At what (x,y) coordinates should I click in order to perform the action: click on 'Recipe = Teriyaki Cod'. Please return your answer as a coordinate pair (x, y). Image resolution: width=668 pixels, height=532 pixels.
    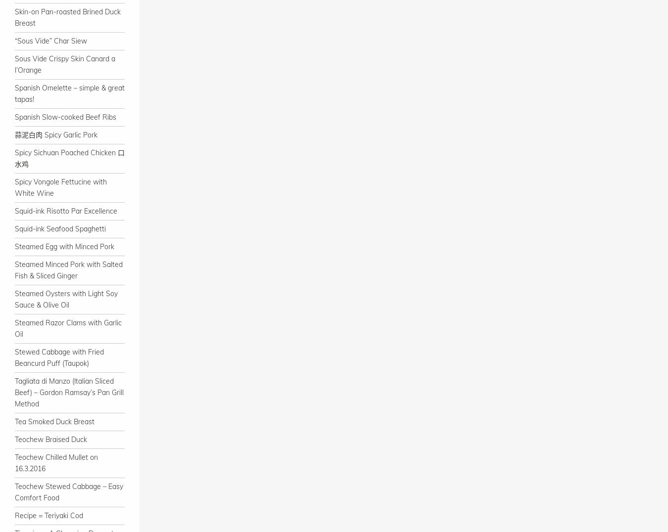
    Looking at the image, I should click on (48, 515).